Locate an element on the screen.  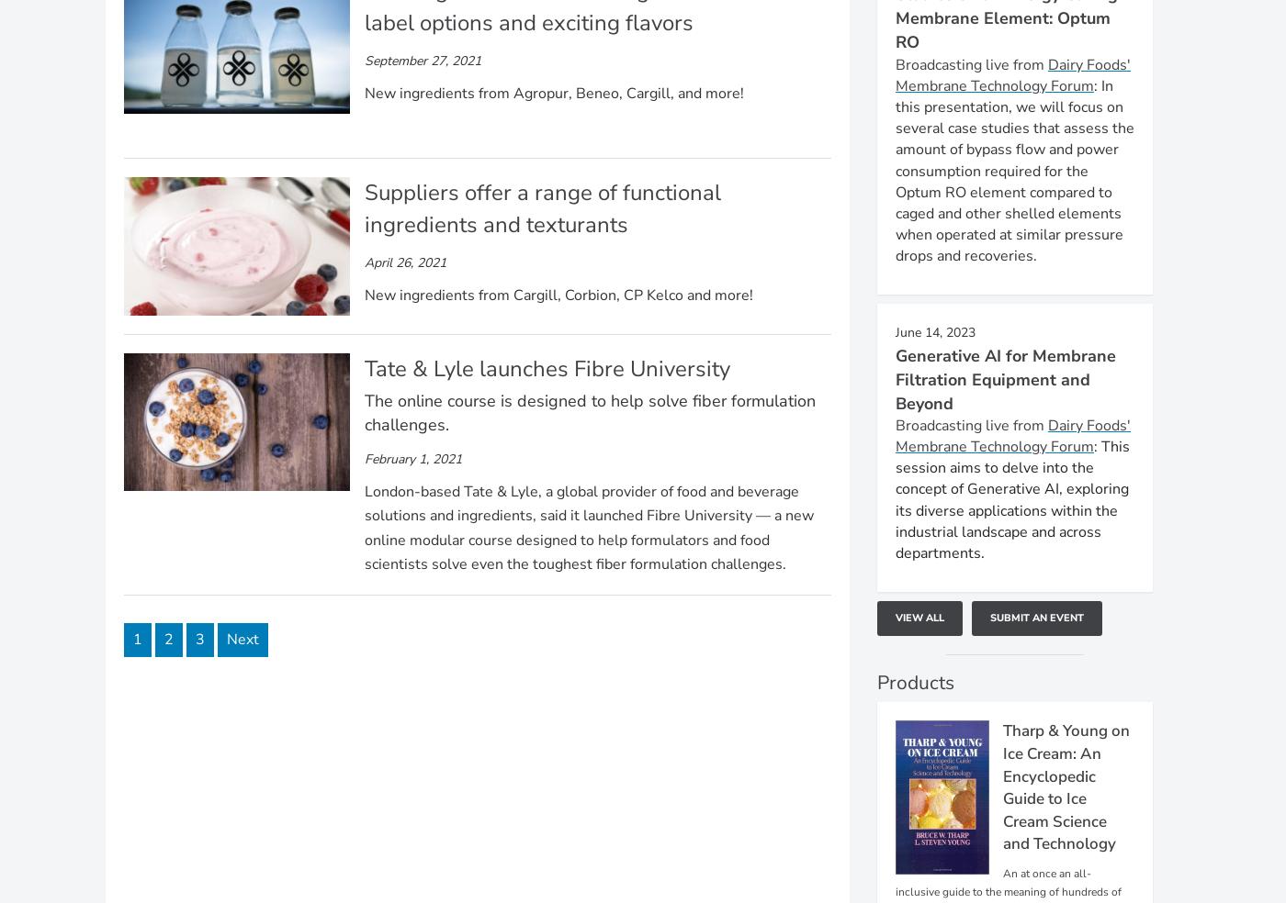
'2' is located at coordinates (164, 639).